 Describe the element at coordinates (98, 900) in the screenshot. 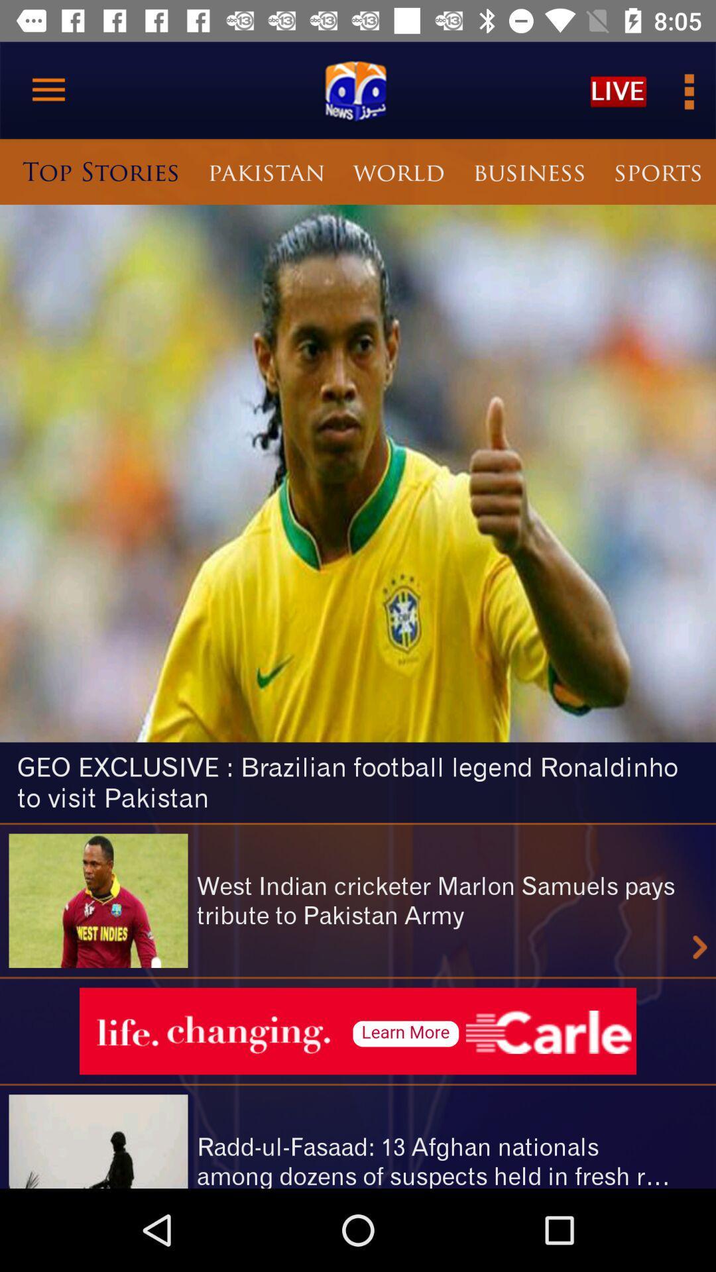

I see `the second image from top` at that location.